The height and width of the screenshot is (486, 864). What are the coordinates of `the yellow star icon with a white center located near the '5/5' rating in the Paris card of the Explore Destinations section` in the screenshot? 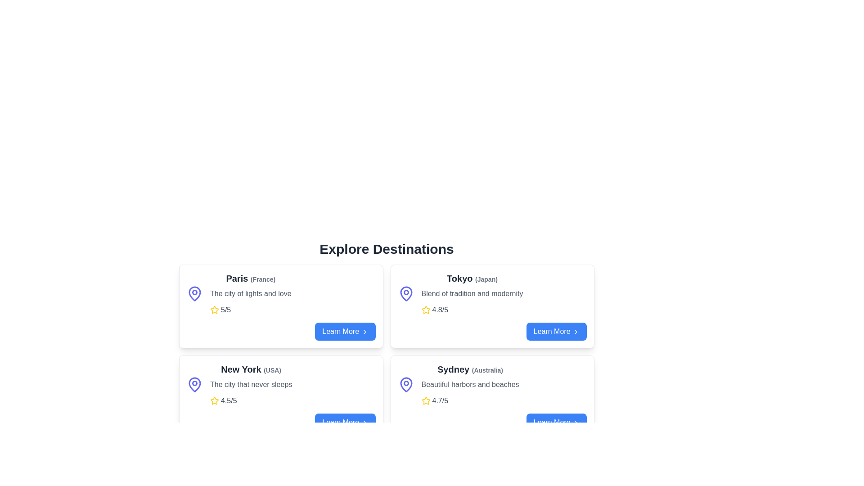 It's located at (214, 309).